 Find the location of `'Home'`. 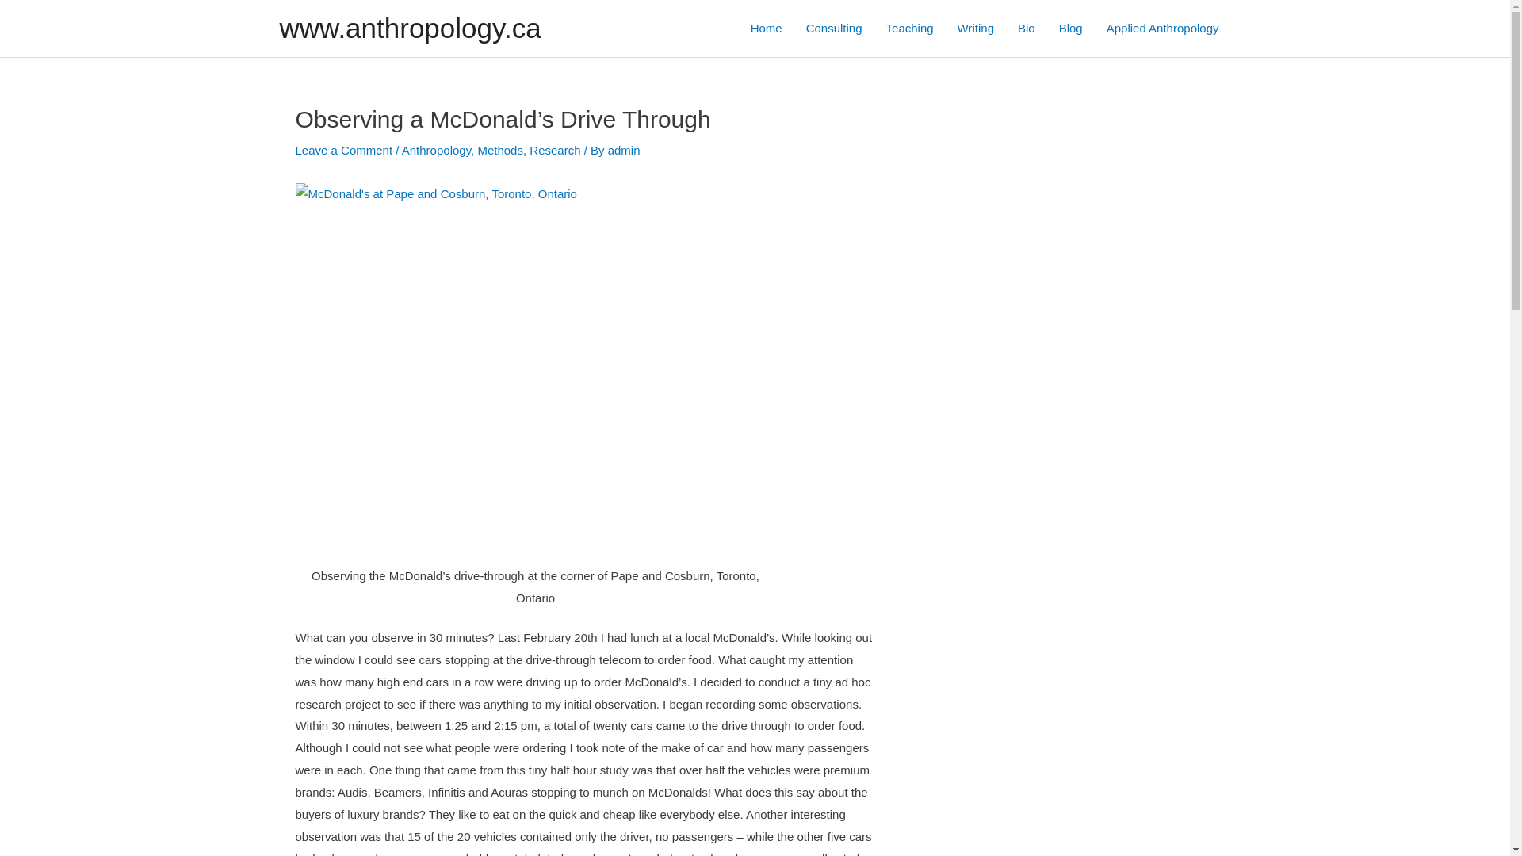

'Home' is located at coordinates (766, 28).